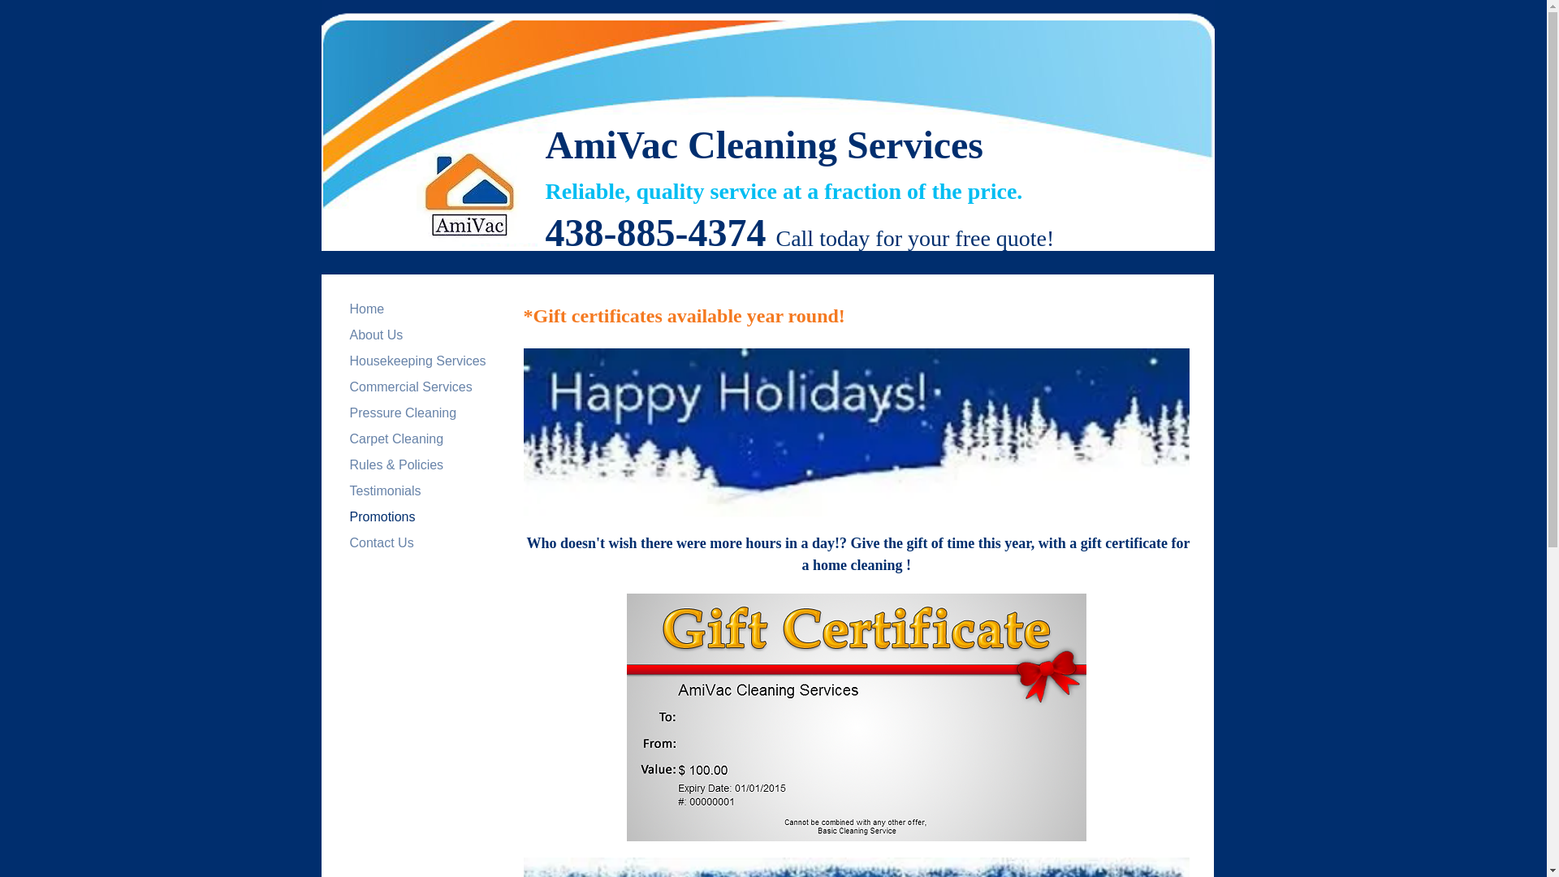 The height and width of the screenshot is (877, 1559). Describe the element at coordinates (381, 516) in the screenshot. I see `'Promotions'` at that location.